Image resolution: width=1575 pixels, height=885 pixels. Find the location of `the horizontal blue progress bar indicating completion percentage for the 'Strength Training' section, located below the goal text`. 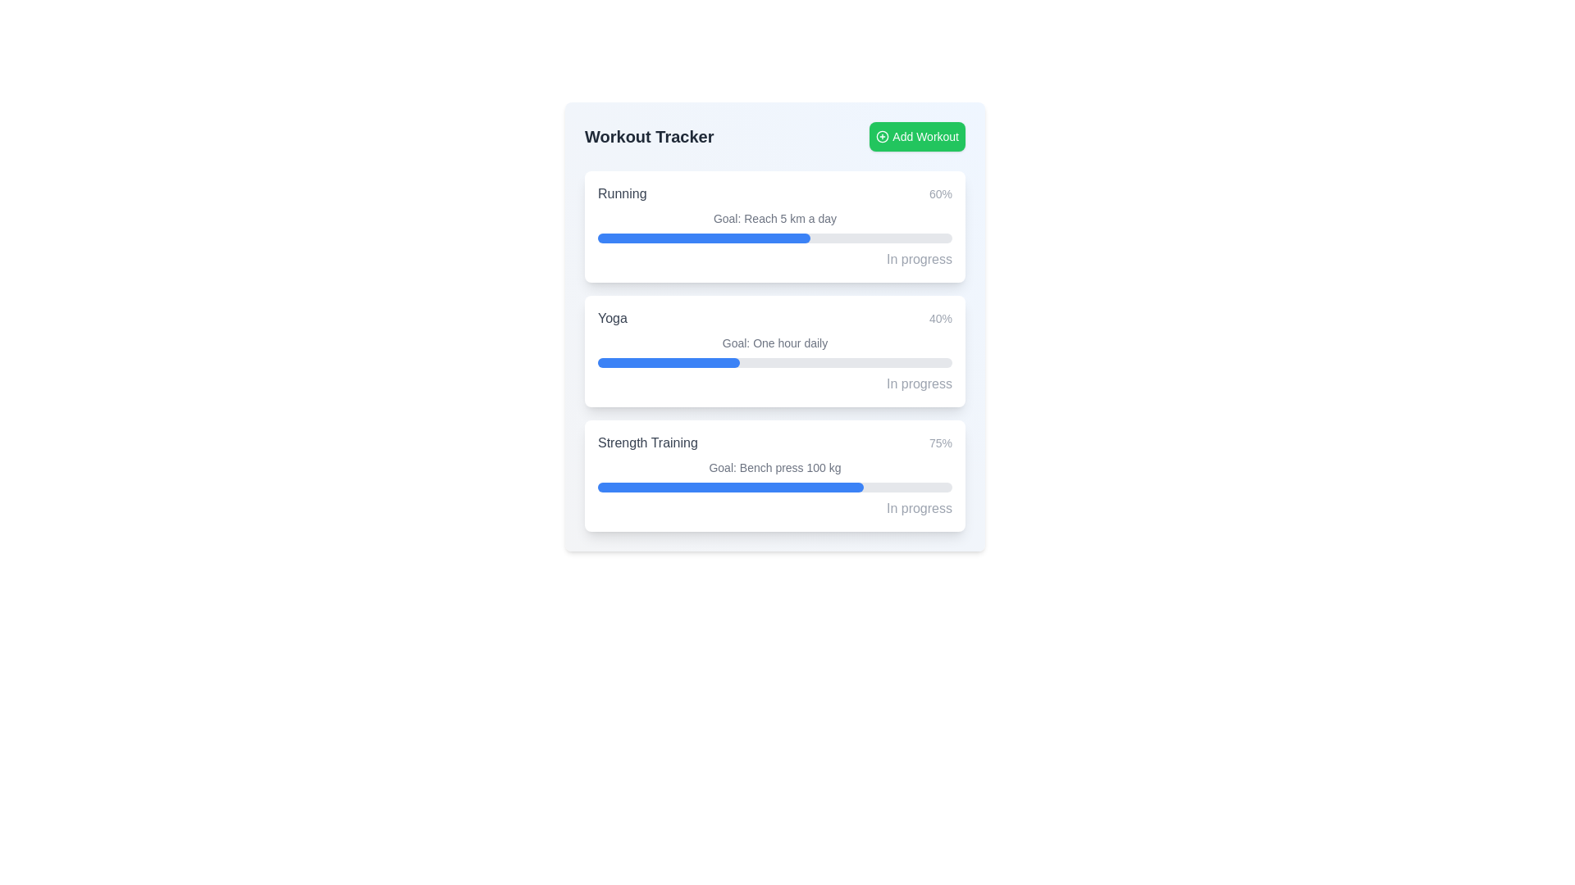

the horizontal blue progress bar indicating completion percentage for the 'Strength Training' section, located below the goal text is located at coordinates (730, 486).